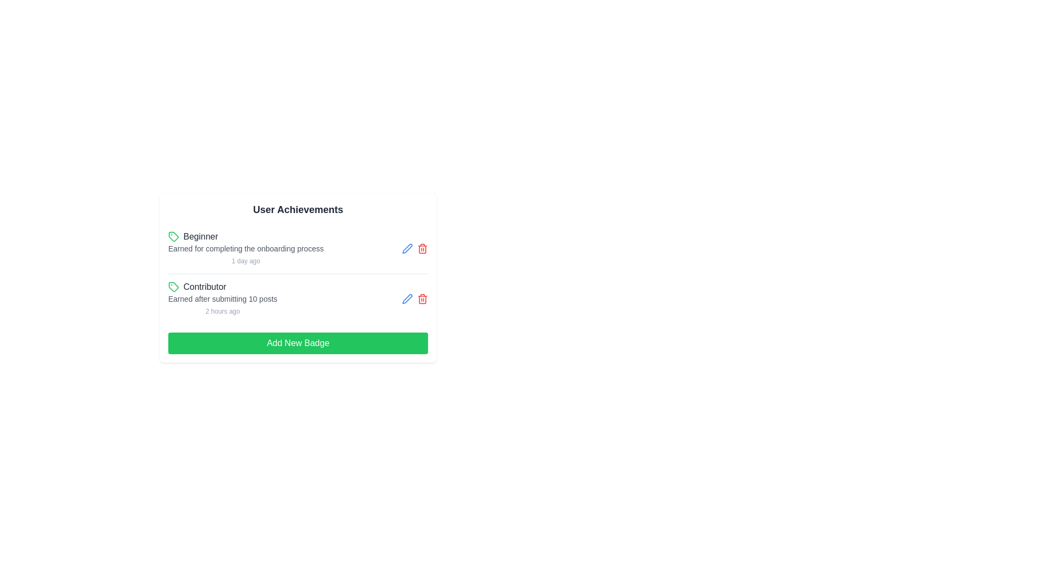 This screenshot has width=1039, height=584. What do you see at coordinates (222, 298) in the screenshot?
I see `the text snippet saying 'Earned after submitting 10 posts', which is styled in a smaller font and lighter gray color, located under the 'Contributor' badge in the User Achievements list` at bounding box center [222, 298].